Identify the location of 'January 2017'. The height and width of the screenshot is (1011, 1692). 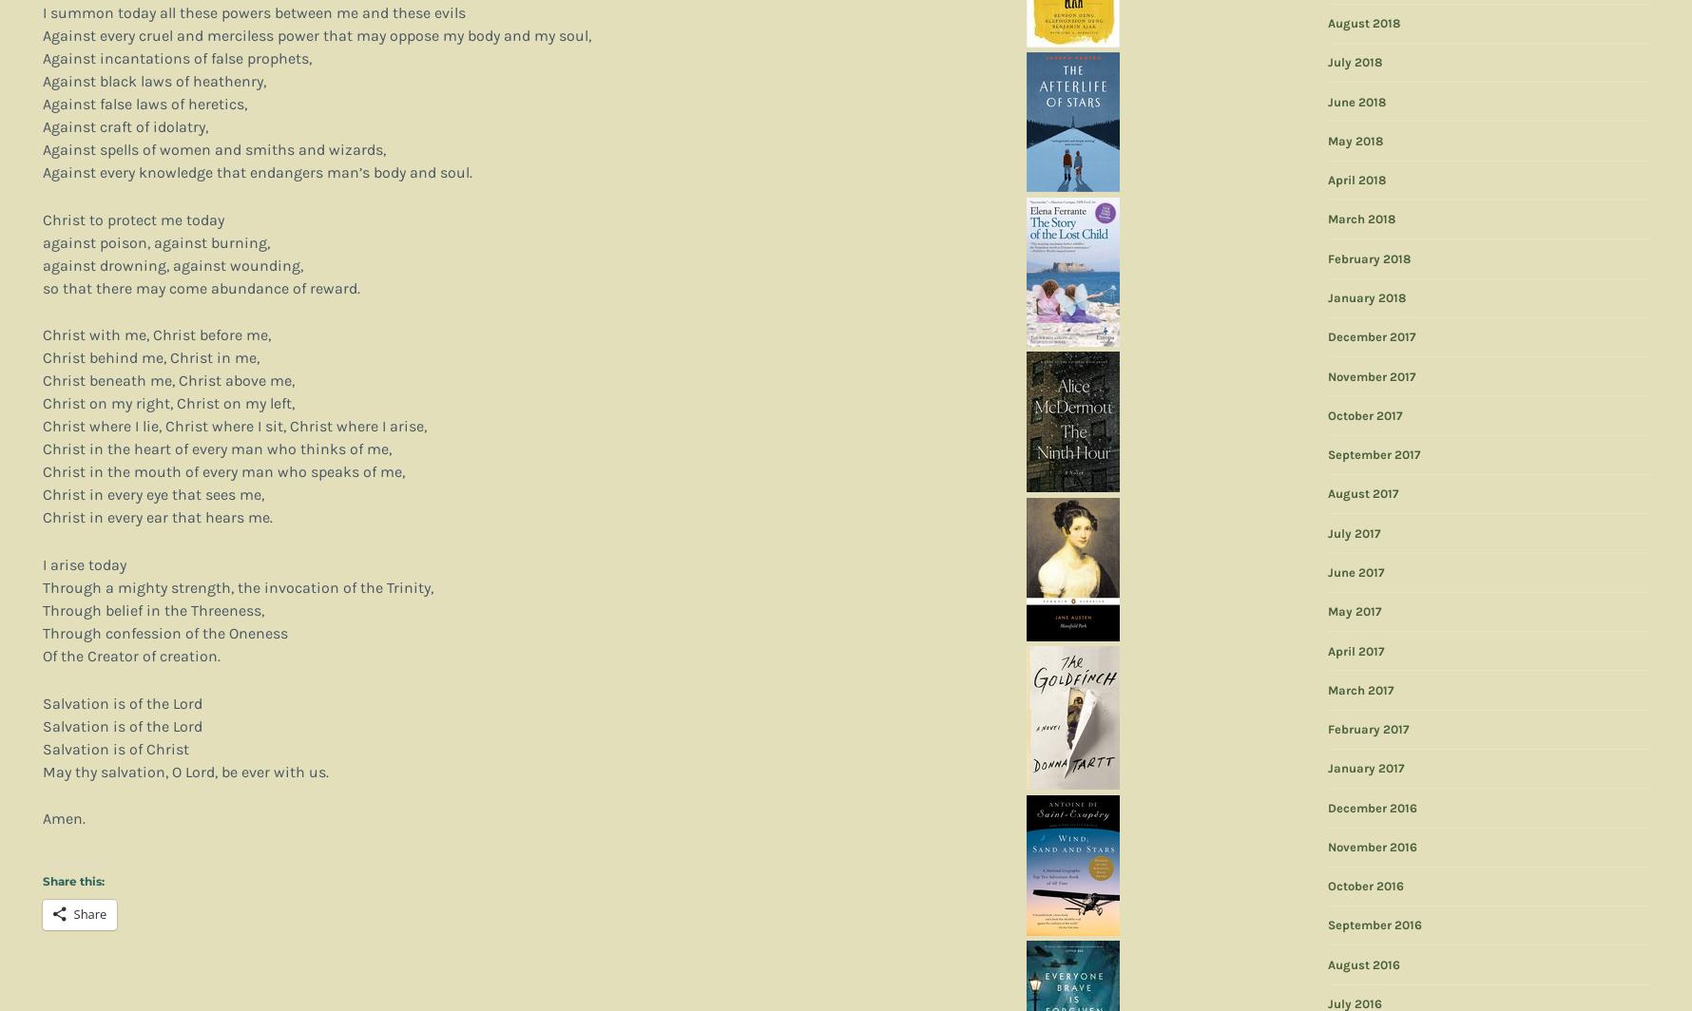
(1364, 768).